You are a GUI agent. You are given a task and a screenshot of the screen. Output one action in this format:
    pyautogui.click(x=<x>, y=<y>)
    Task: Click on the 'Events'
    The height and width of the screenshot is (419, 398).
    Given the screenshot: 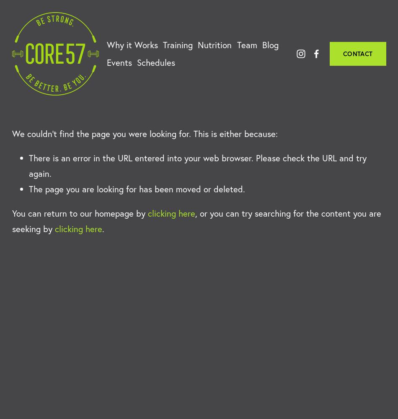 What is the action you would take?
    pyautogui.click(x=118, y=62)
    